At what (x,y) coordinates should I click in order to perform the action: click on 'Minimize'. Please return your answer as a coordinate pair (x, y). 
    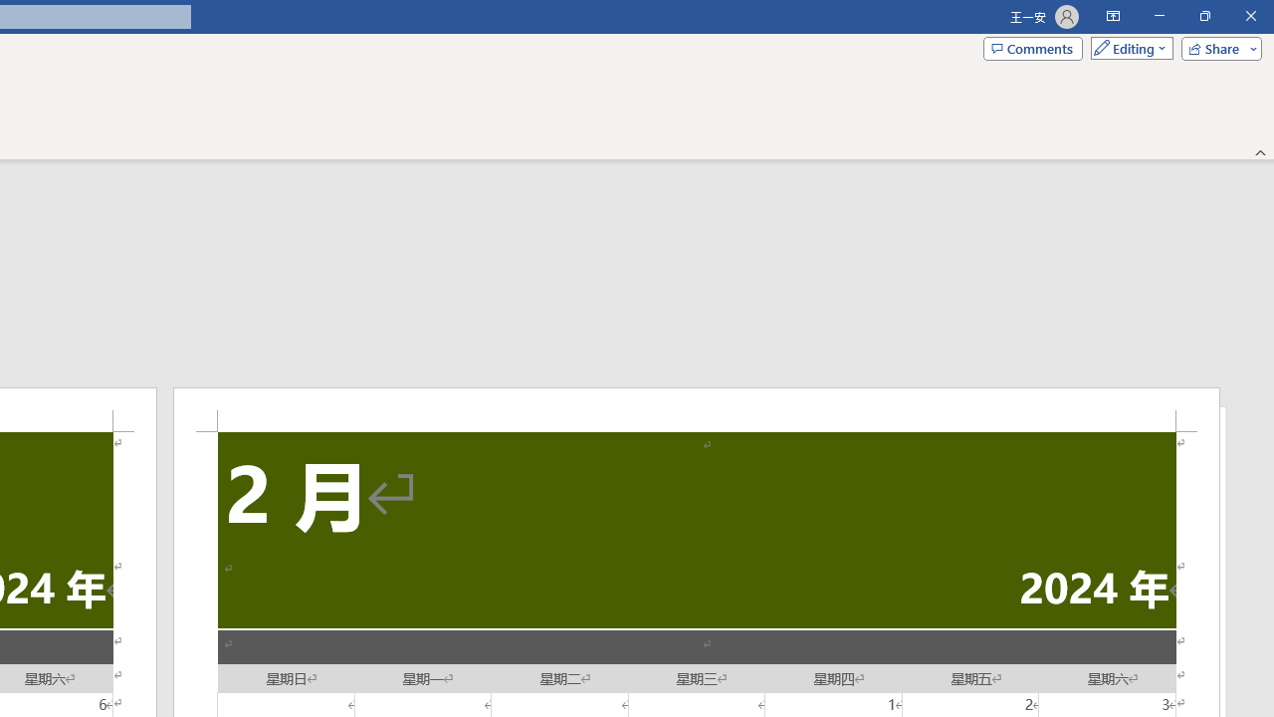
    Looking at the image, I should click on (1159, 16).